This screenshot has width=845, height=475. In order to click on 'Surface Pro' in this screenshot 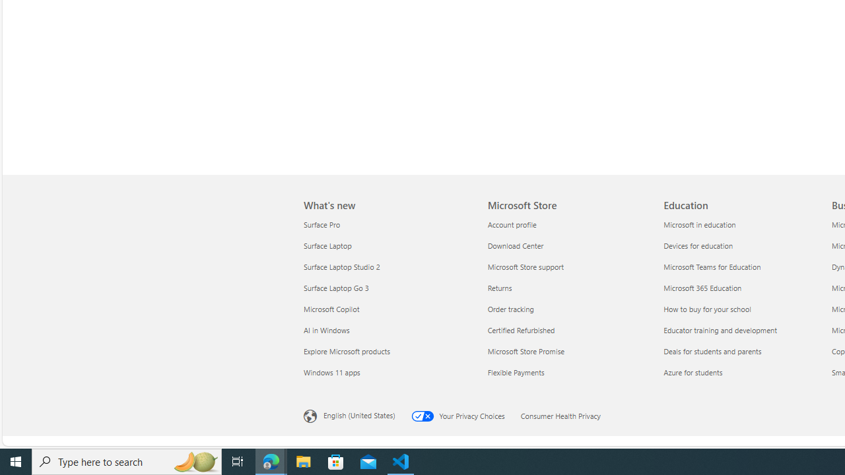, I will do `click(387, 224)`.